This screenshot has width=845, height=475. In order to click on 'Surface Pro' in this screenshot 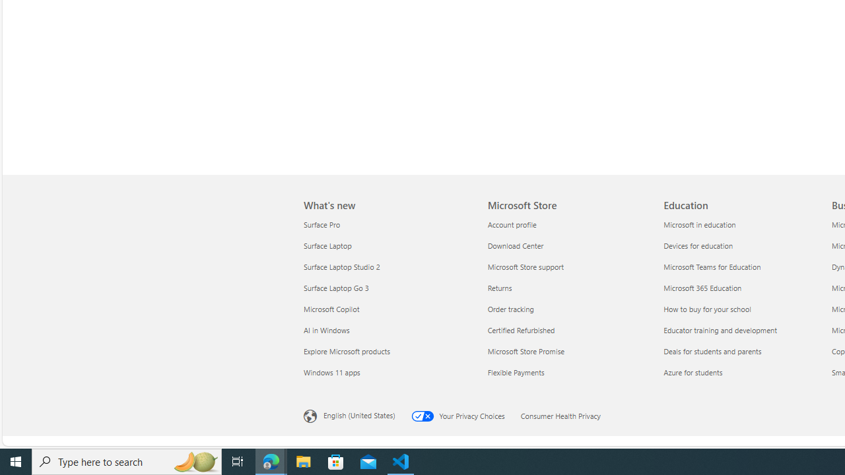, I will do `click(387, 224)`.